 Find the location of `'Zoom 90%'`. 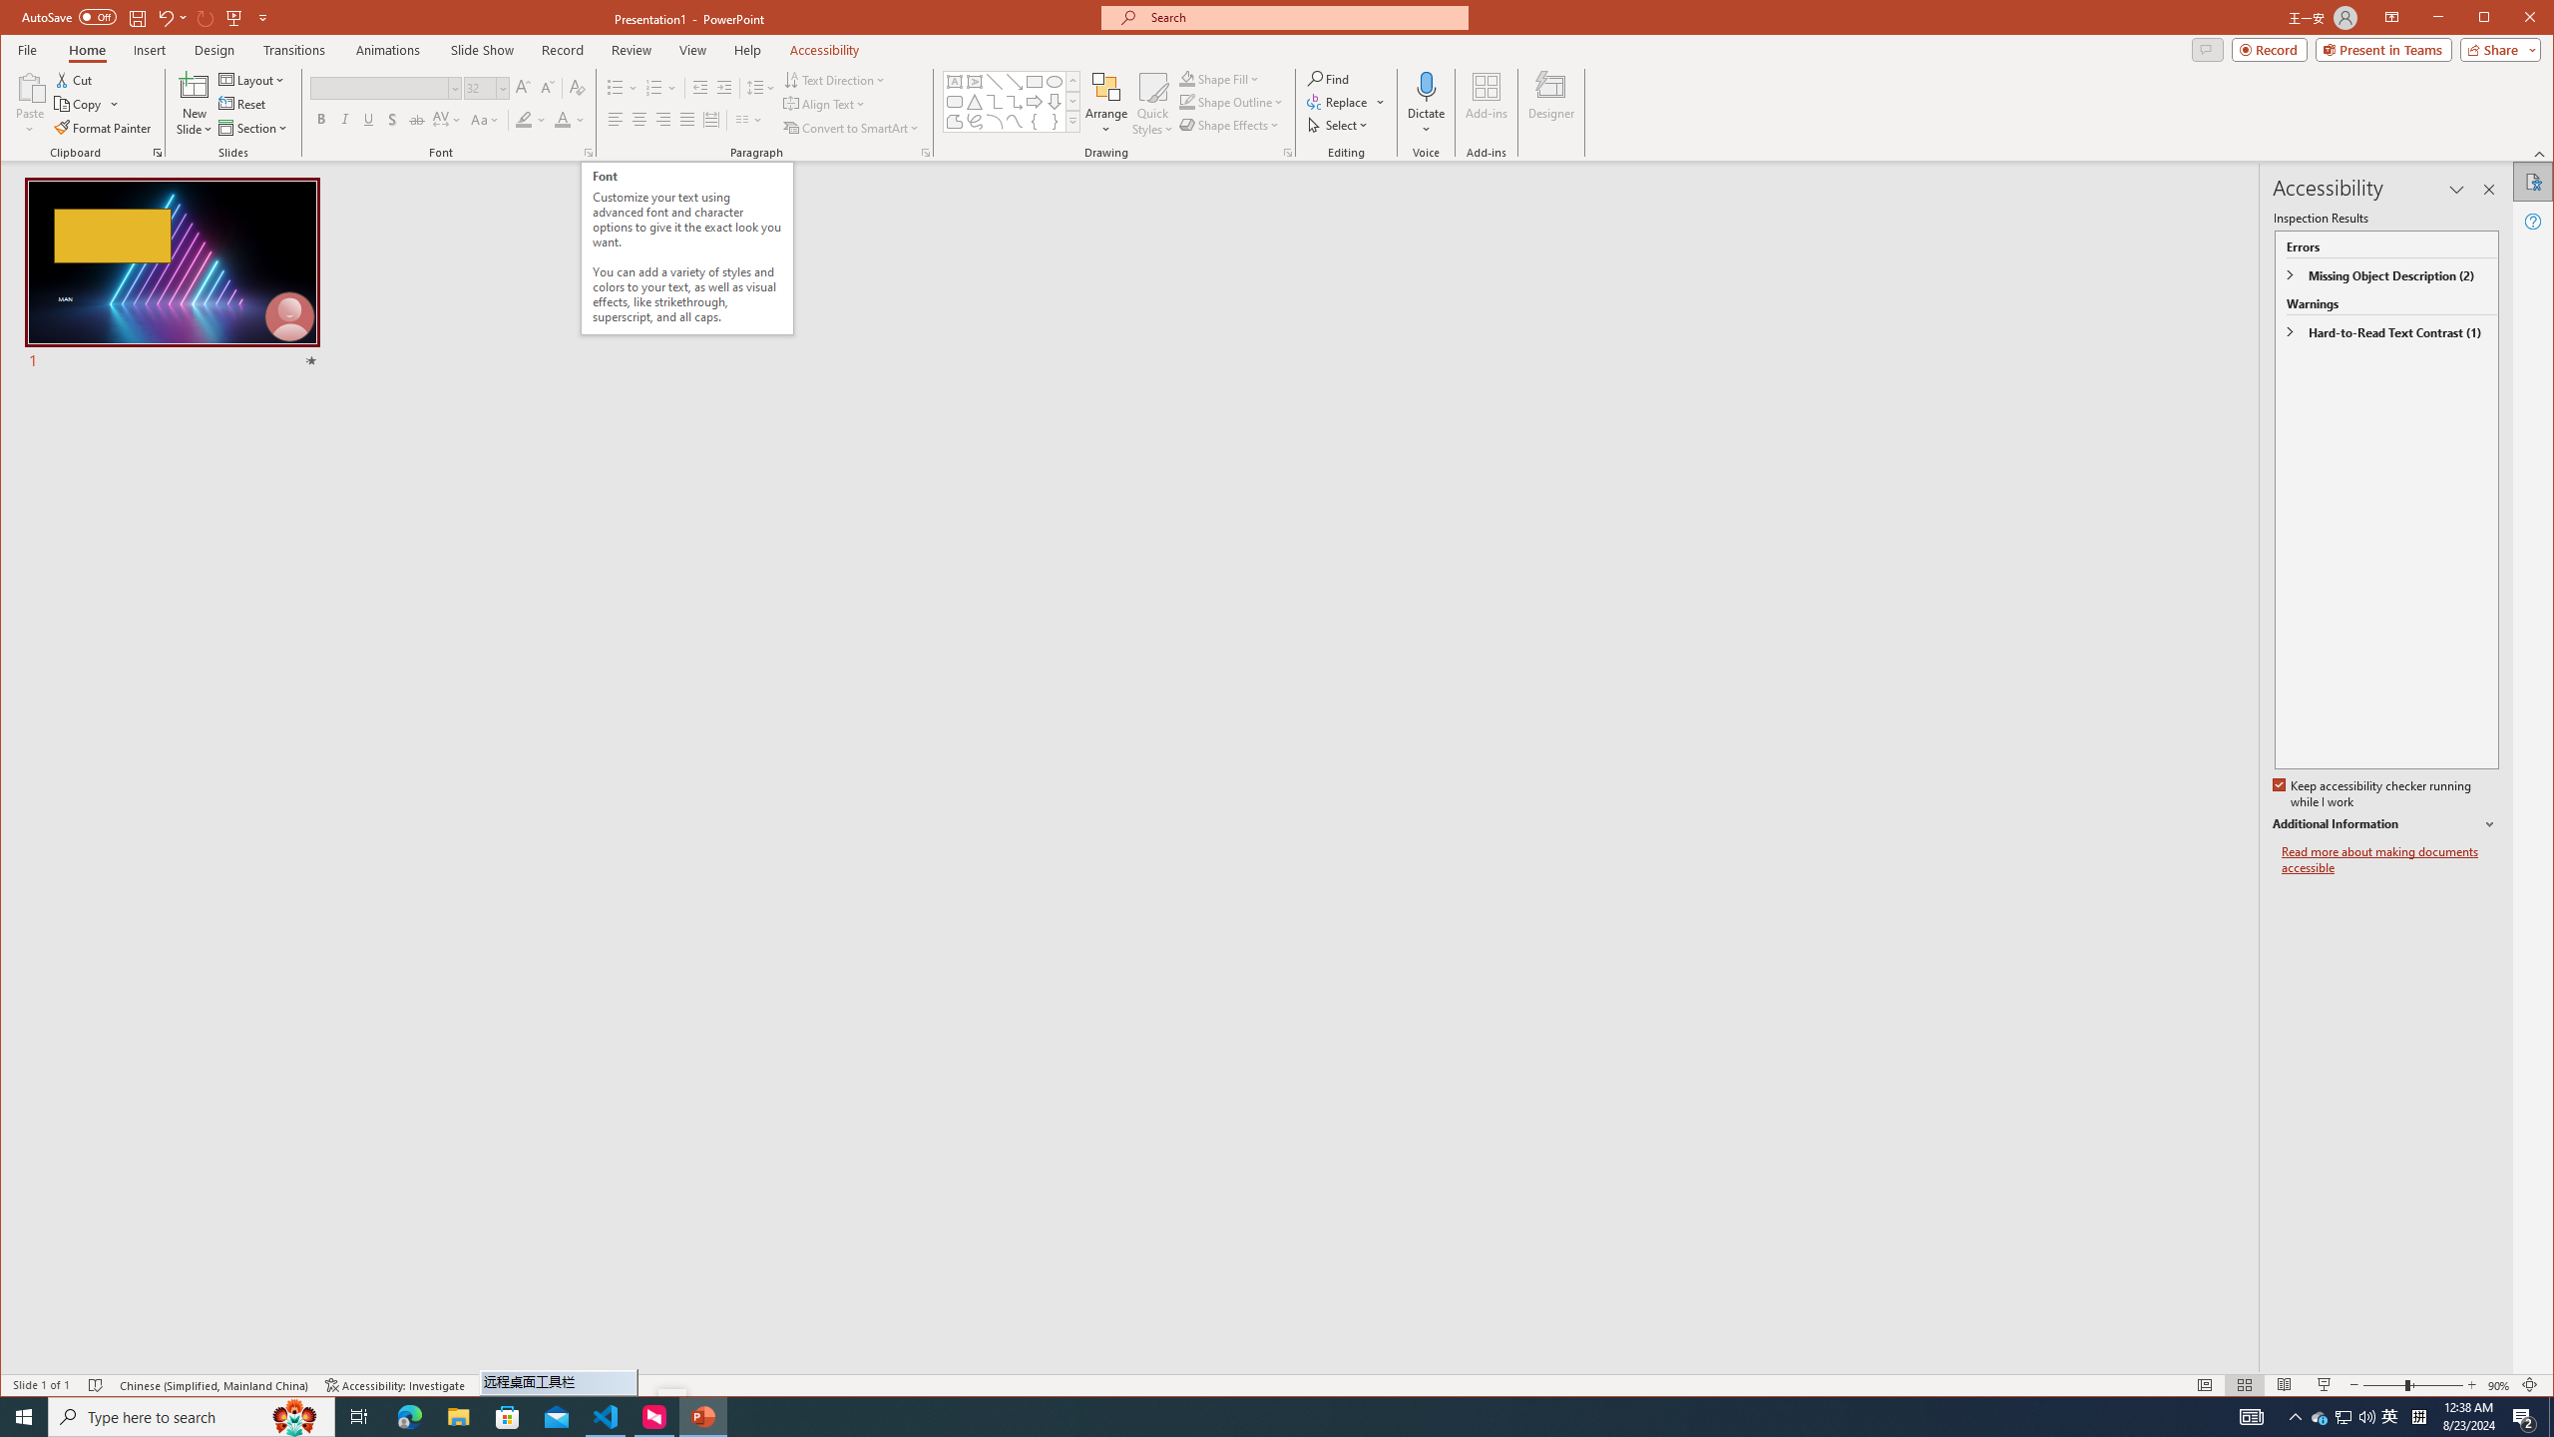

'Zoom 90%' is located at coordinates (2497, 1384).